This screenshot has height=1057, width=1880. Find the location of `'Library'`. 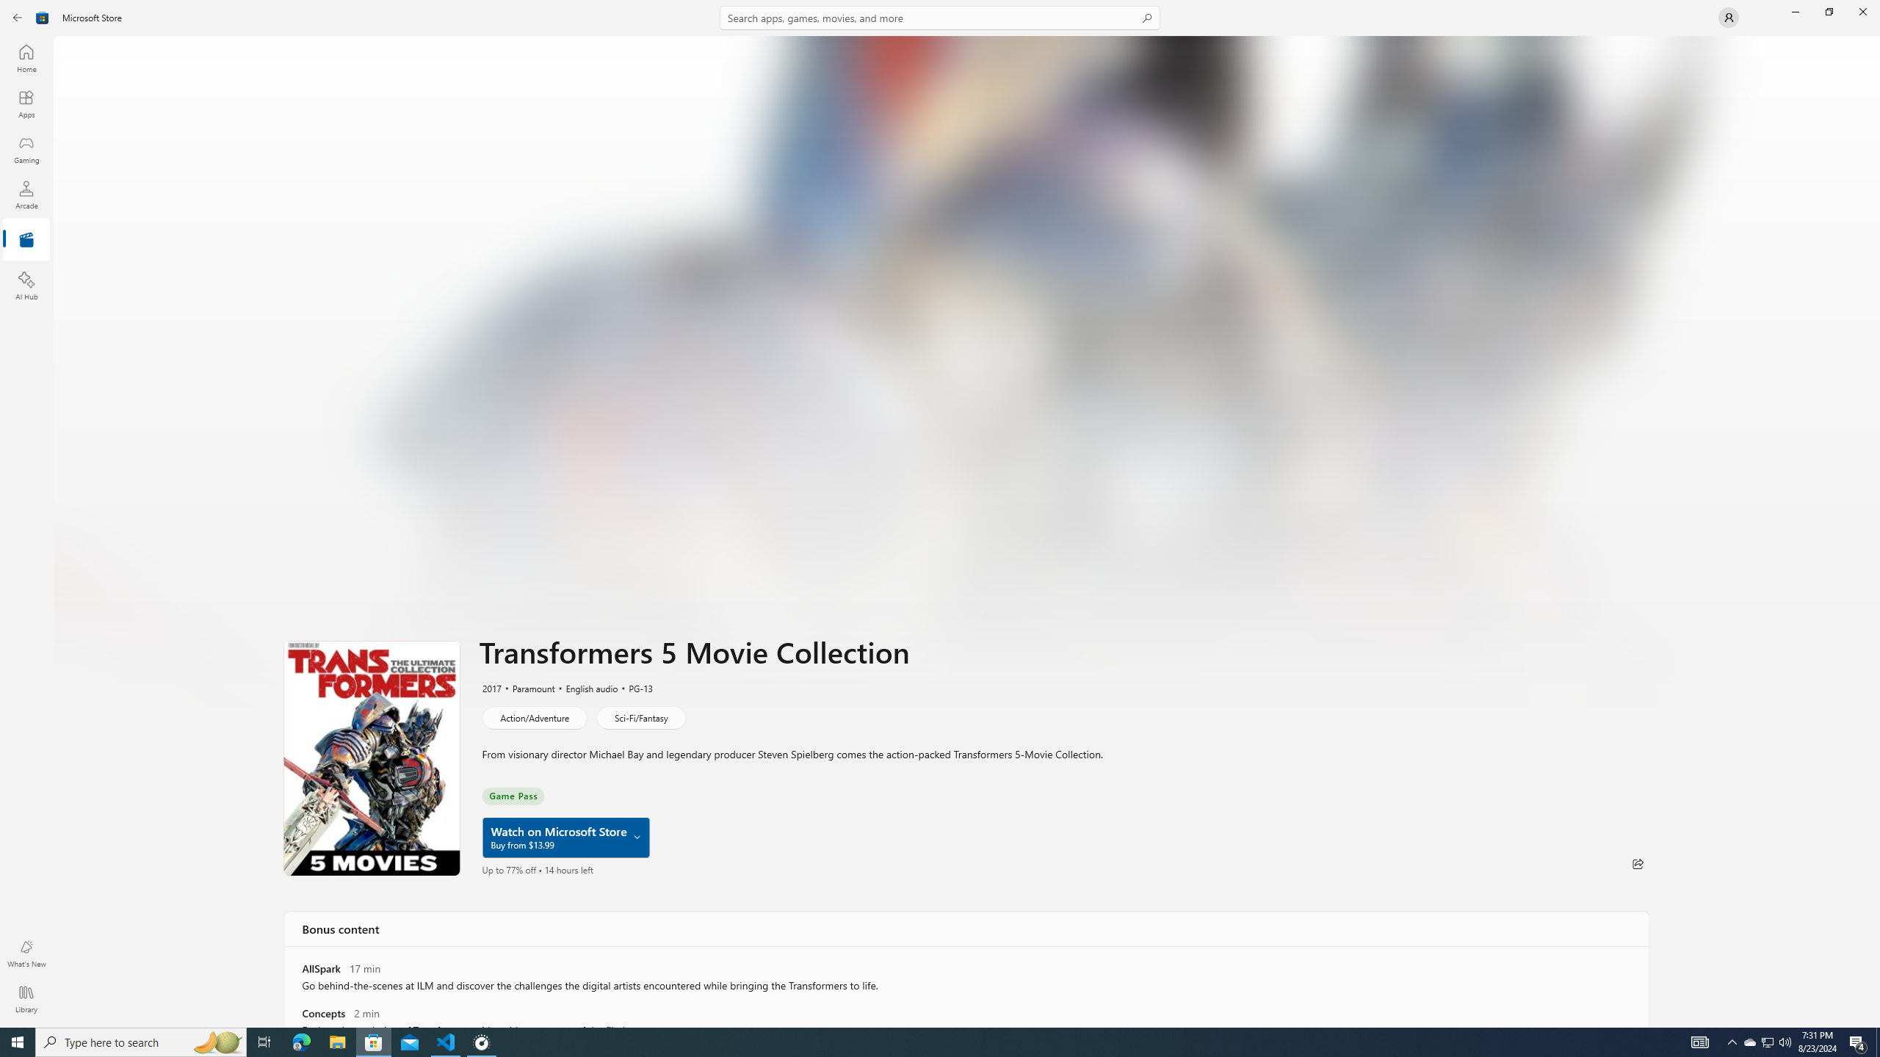

'Library' is located at coordinates (25, 998).